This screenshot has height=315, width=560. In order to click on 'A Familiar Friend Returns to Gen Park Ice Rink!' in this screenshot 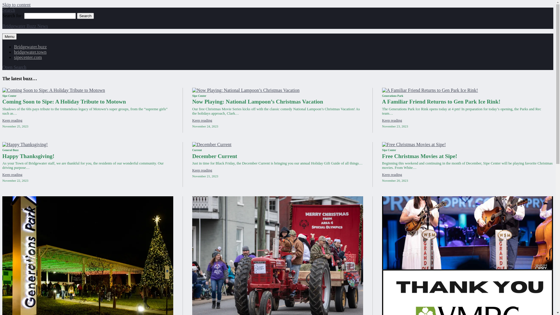, I will do `click(441, 101)`.